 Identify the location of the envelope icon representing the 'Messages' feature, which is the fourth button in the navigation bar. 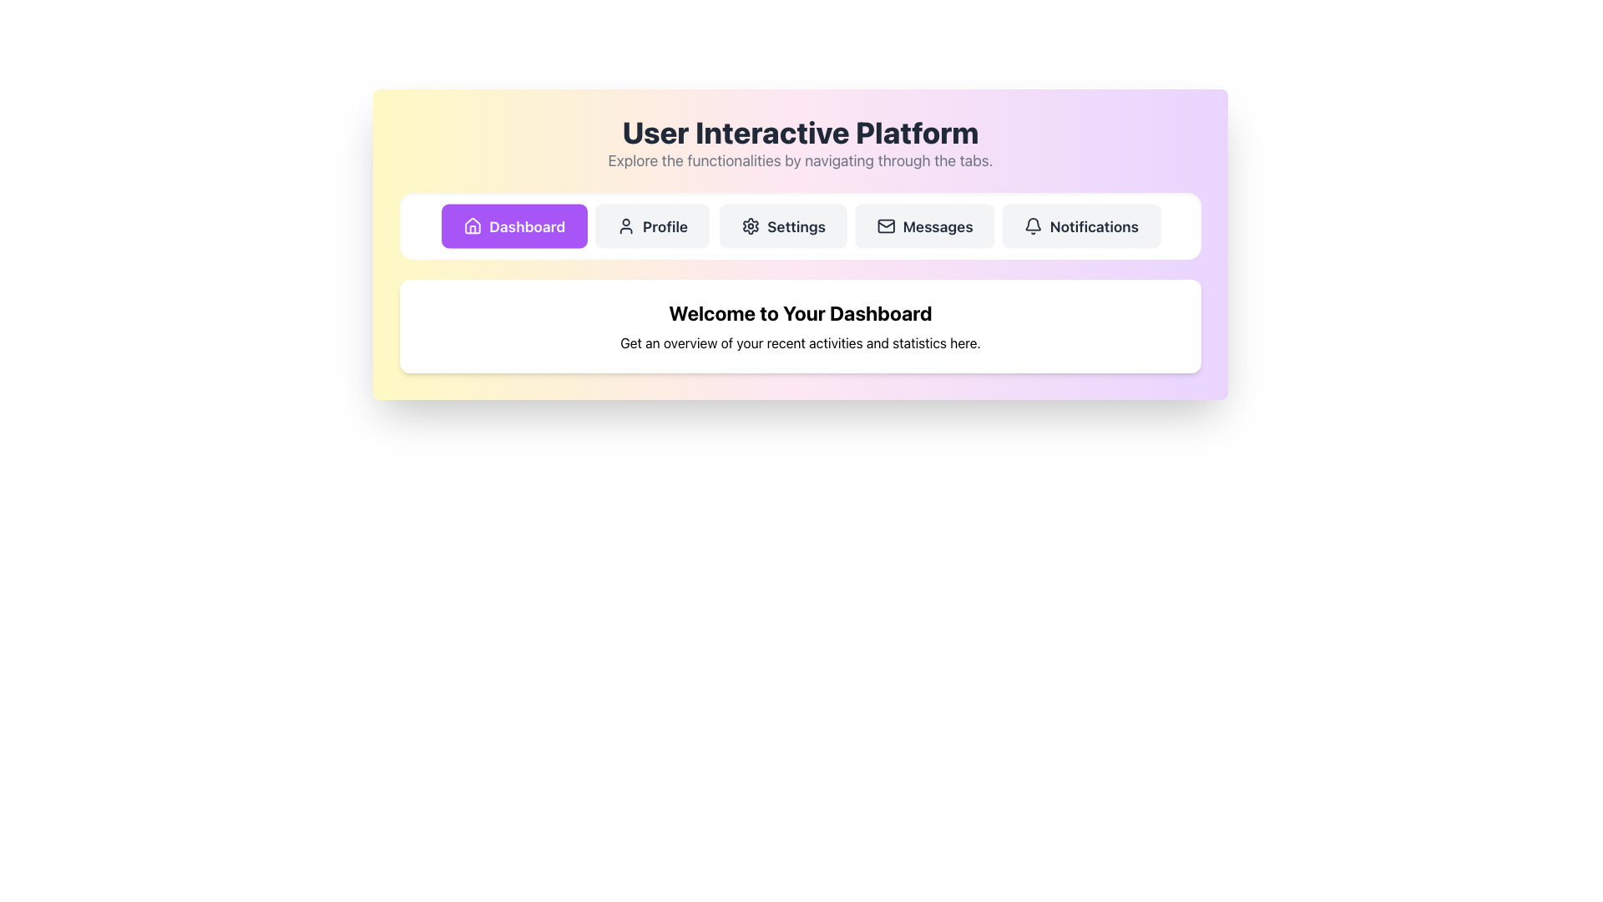
(884, 224).